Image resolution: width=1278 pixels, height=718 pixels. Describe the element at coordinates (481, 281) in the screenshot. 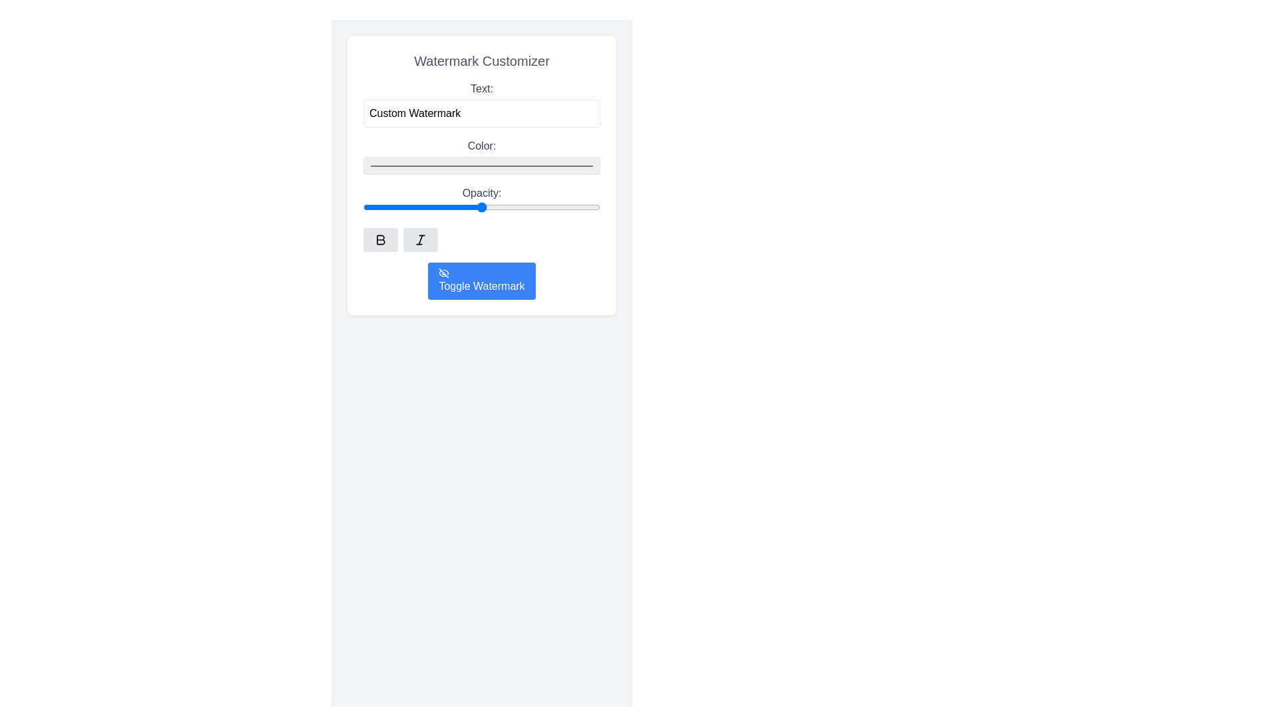

I see `the button that toggles the visibility of a watermark, located at the bottom of the 'Watermark Customizer' section` at that location.